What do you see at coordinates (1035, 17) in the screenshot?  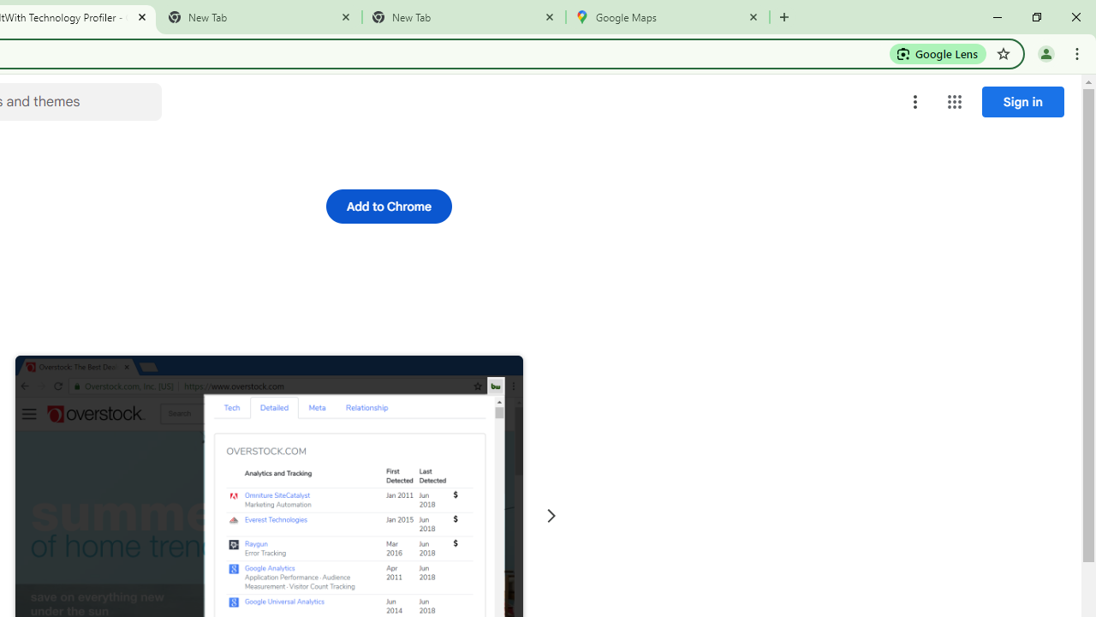 I see `'Restore'` at bounding box center [1035, 17].